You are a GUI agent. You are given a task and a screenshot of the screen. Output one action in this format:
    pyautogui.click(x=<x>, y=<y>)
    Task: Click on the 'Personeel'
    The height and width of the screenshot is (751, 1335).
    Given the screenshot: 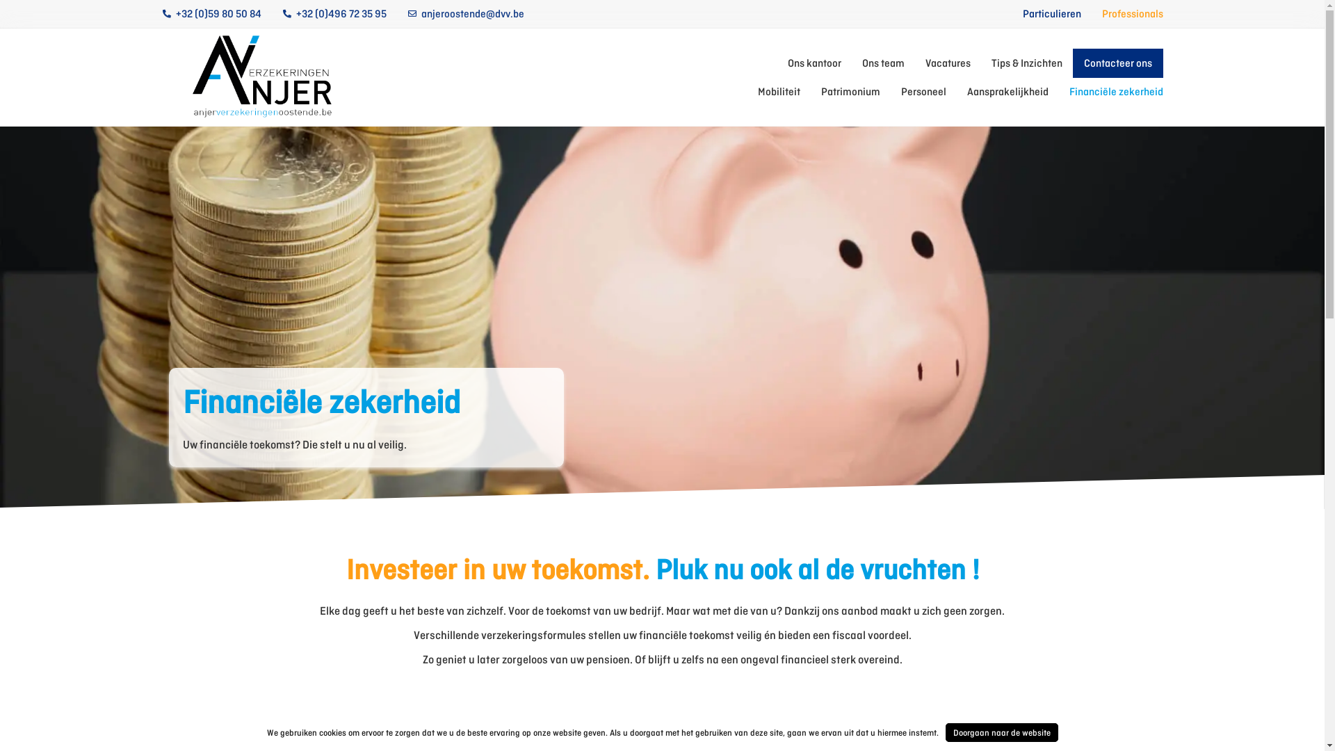 What is the action you would take?
    pyautogui.click(x=923, y=91)
    